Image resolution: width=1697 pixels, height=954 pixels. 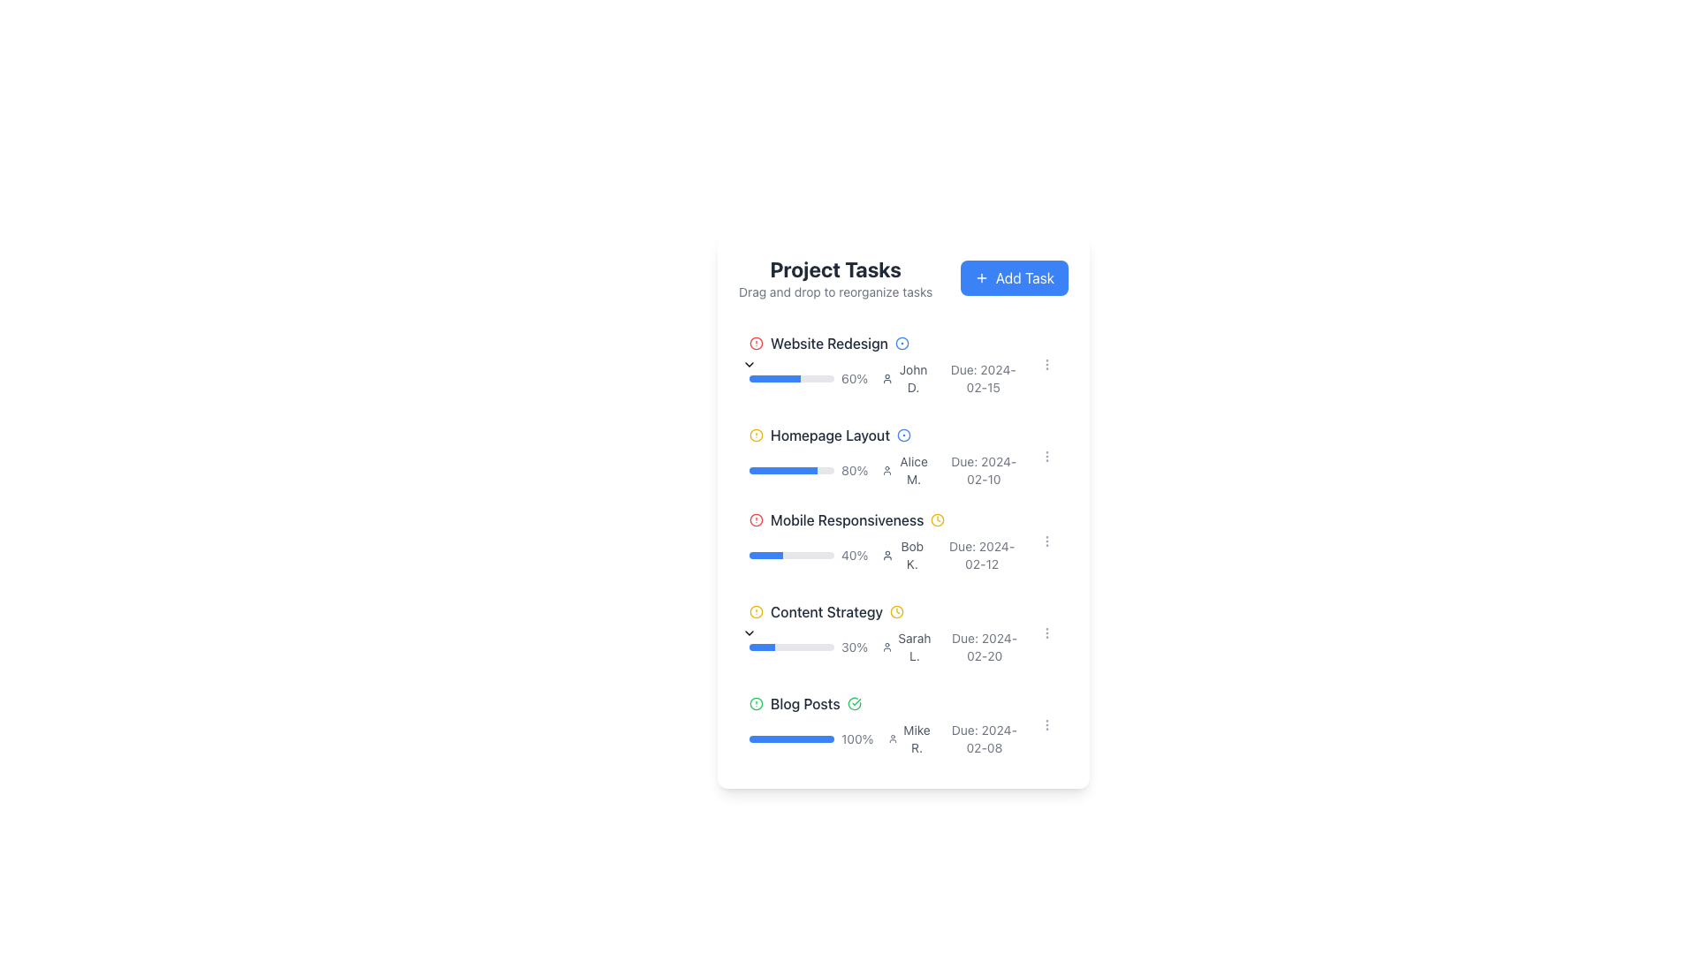 I want to click on the Chevron icon located in the first task entry titled 'Website Redesign', so click(x=750, y=363).